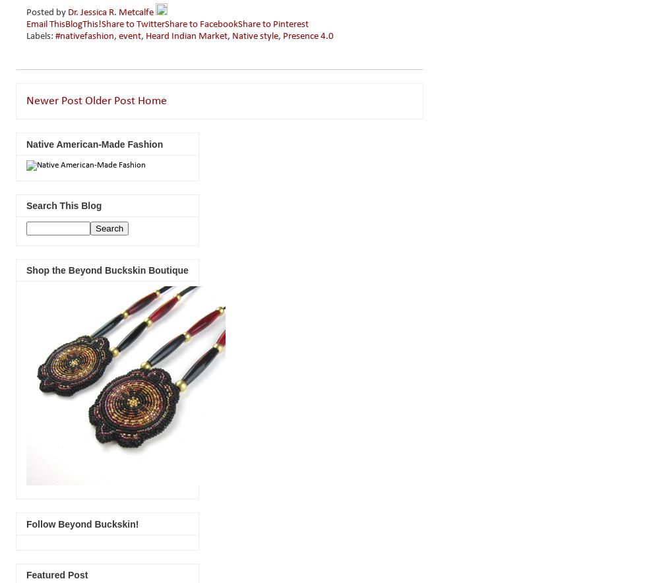 The image size is (649, 583). What do you see at coordinates (201, 24) in the screenshot?
I see `'Share to Facebook'` at bounding box center [201, 24].